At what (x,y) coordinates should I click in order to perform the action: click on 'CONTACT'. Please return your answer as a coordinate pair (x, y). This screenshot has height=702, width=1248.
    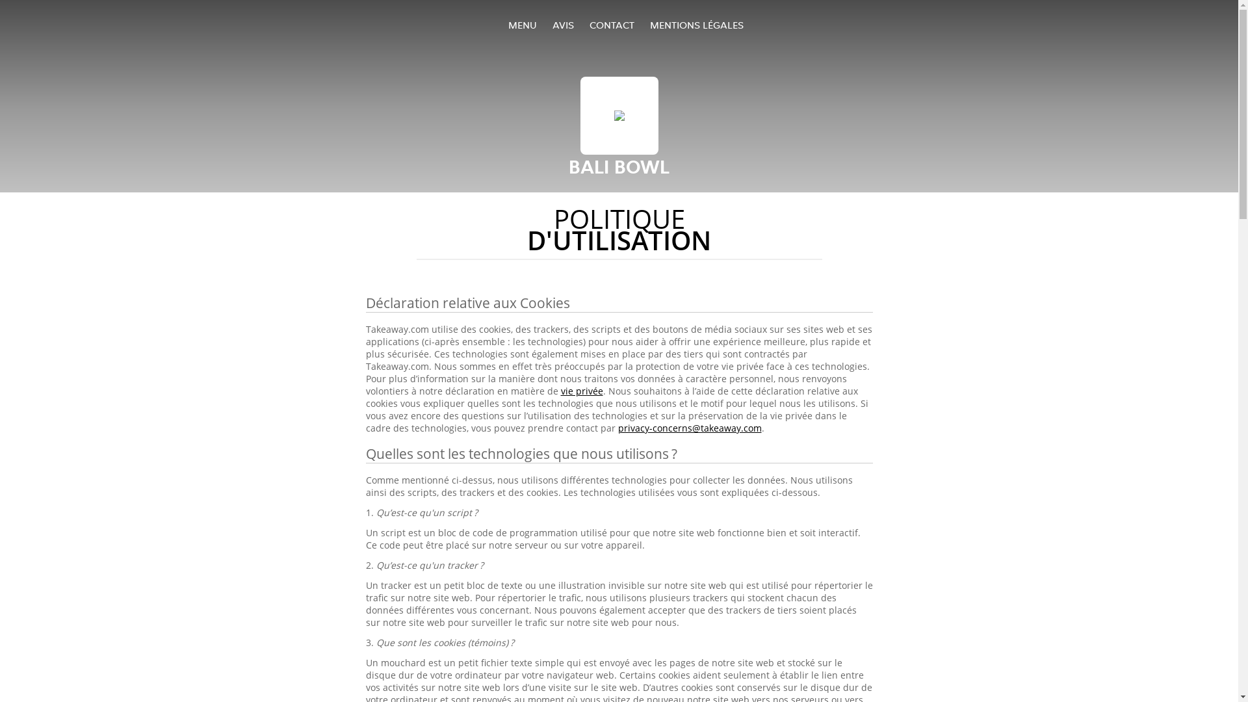
    Looking at the image, I should click on (610, 25).